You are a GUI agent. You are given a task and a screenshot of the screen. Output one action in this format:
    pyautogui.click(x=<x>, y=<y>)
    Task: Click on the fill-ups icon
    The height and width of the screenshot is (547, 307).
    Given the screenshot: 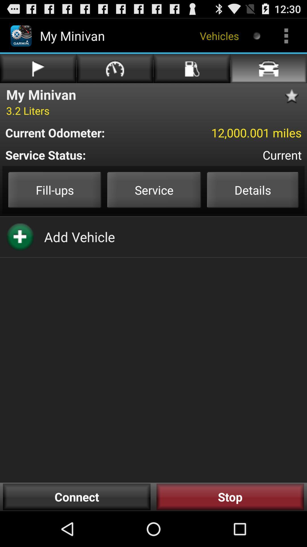 What is the action you would take?
    pyautogui.click(x=55, y=190)
    